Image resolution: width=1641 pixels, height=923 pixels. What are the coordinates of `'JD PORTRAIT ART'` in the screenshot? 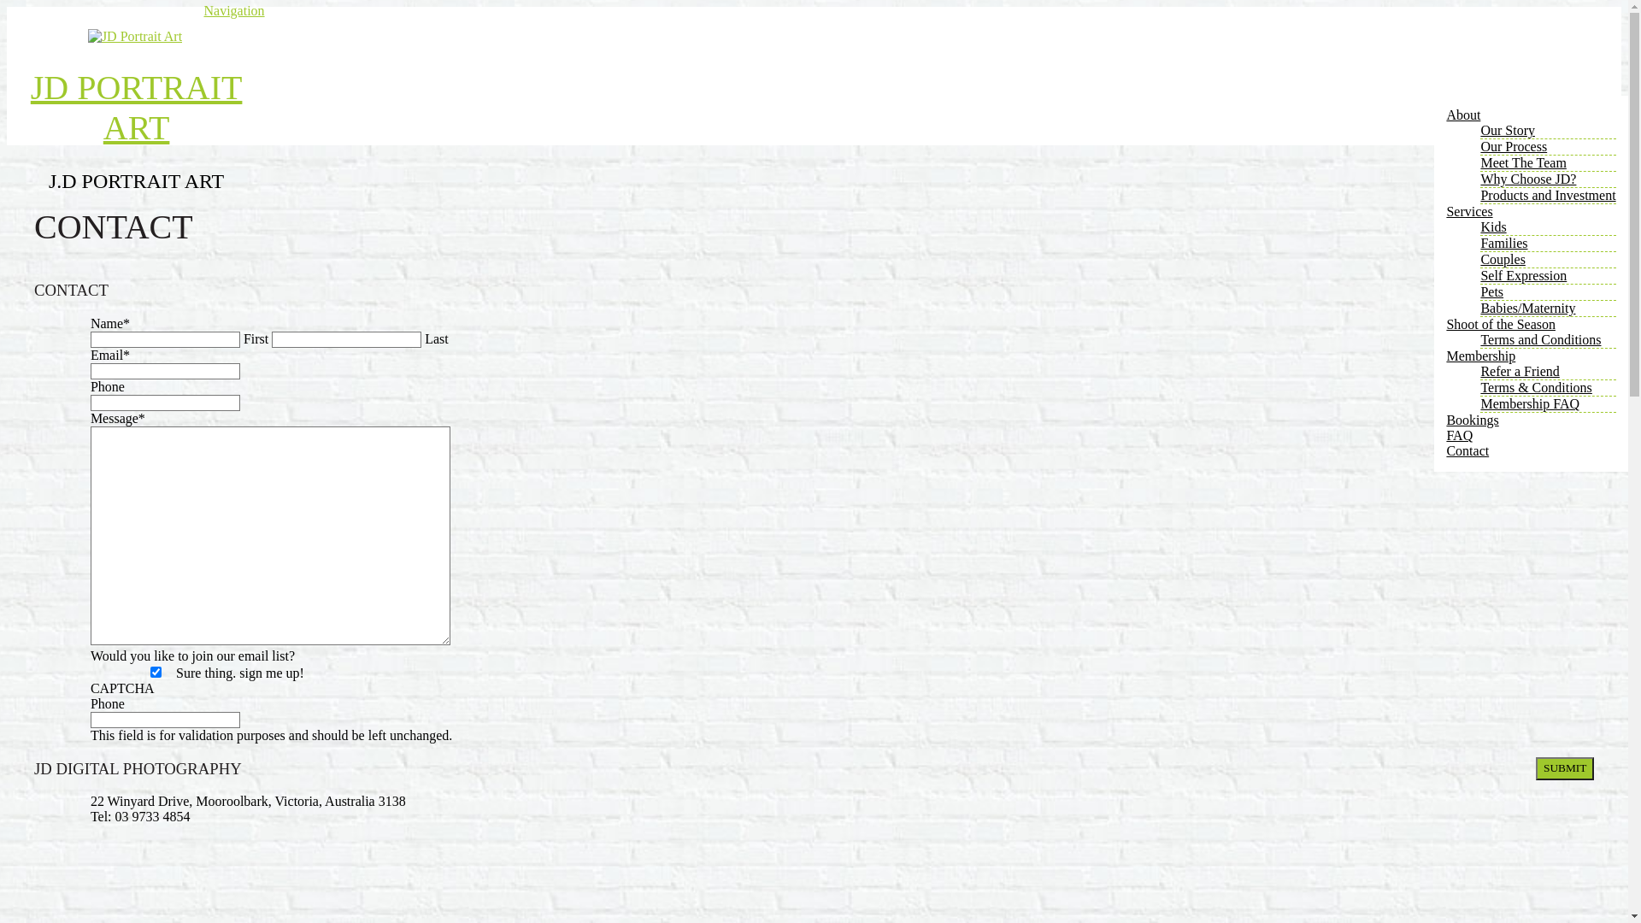 It's located at (135, 108).